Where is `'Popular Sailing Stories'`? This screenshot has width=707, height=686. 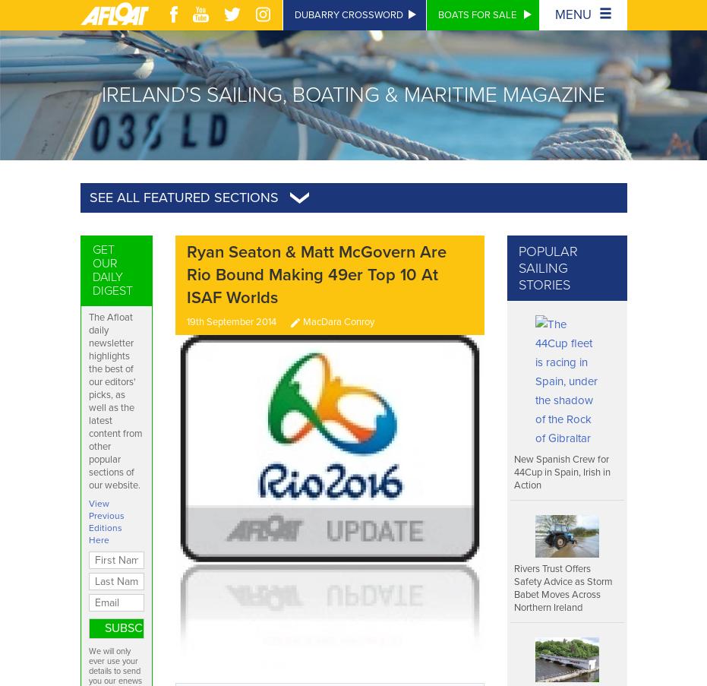 'Popular Sailing Stories' is located at coordinates (547, 267).